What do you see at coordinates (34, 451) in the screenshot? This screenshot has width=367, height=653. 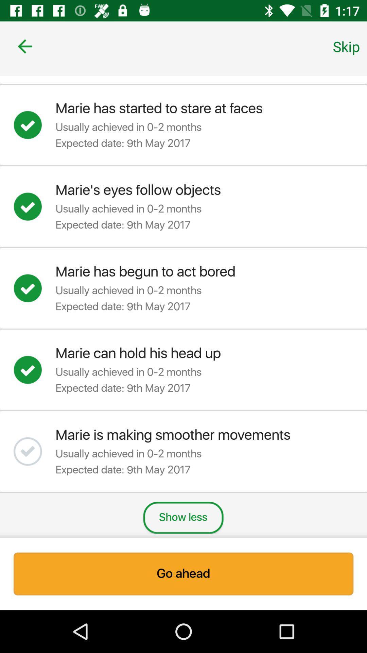 I see `developmental stage tracker` at bounding box center [34, 451].